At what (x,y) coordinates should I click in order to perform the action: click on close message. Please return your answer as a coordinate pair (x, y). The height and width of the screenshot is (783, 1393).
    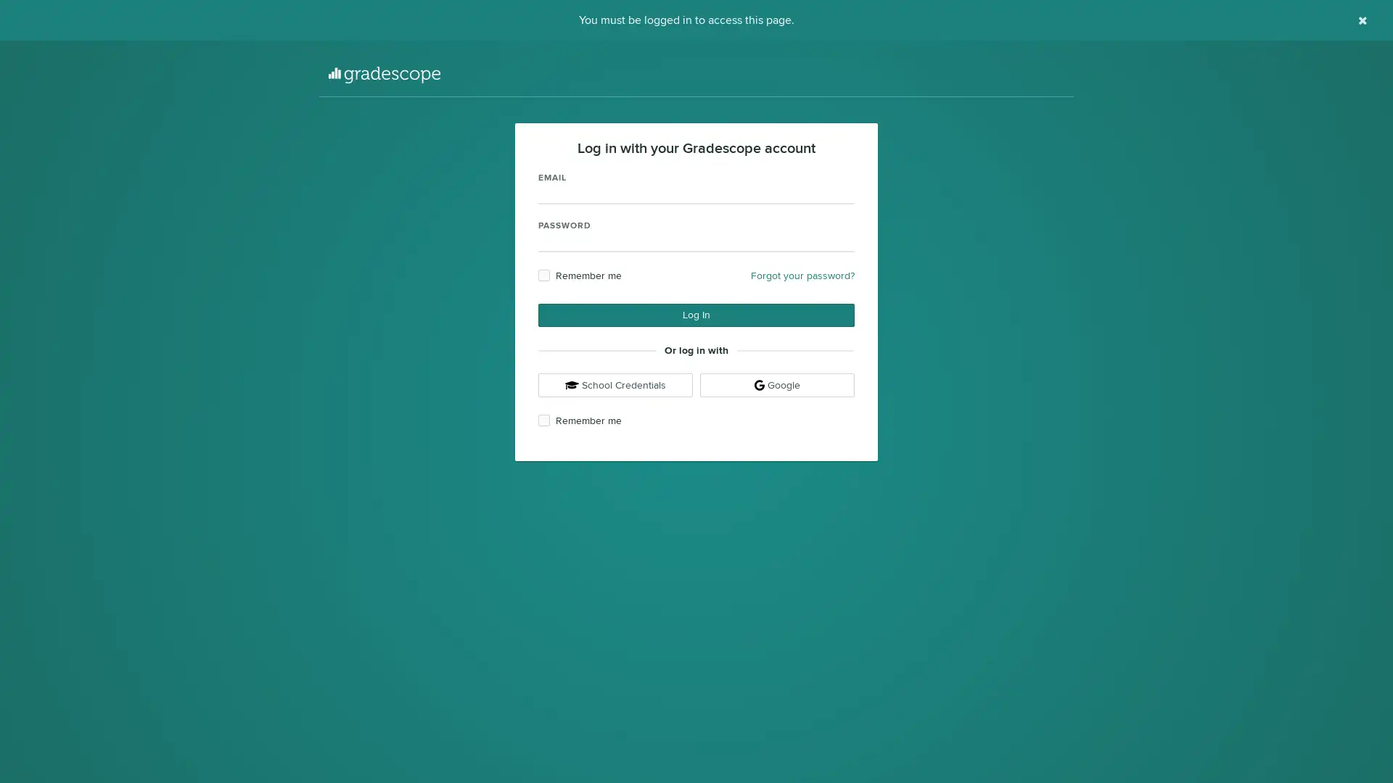
    Looking at the image, I should click on (1362, 20).